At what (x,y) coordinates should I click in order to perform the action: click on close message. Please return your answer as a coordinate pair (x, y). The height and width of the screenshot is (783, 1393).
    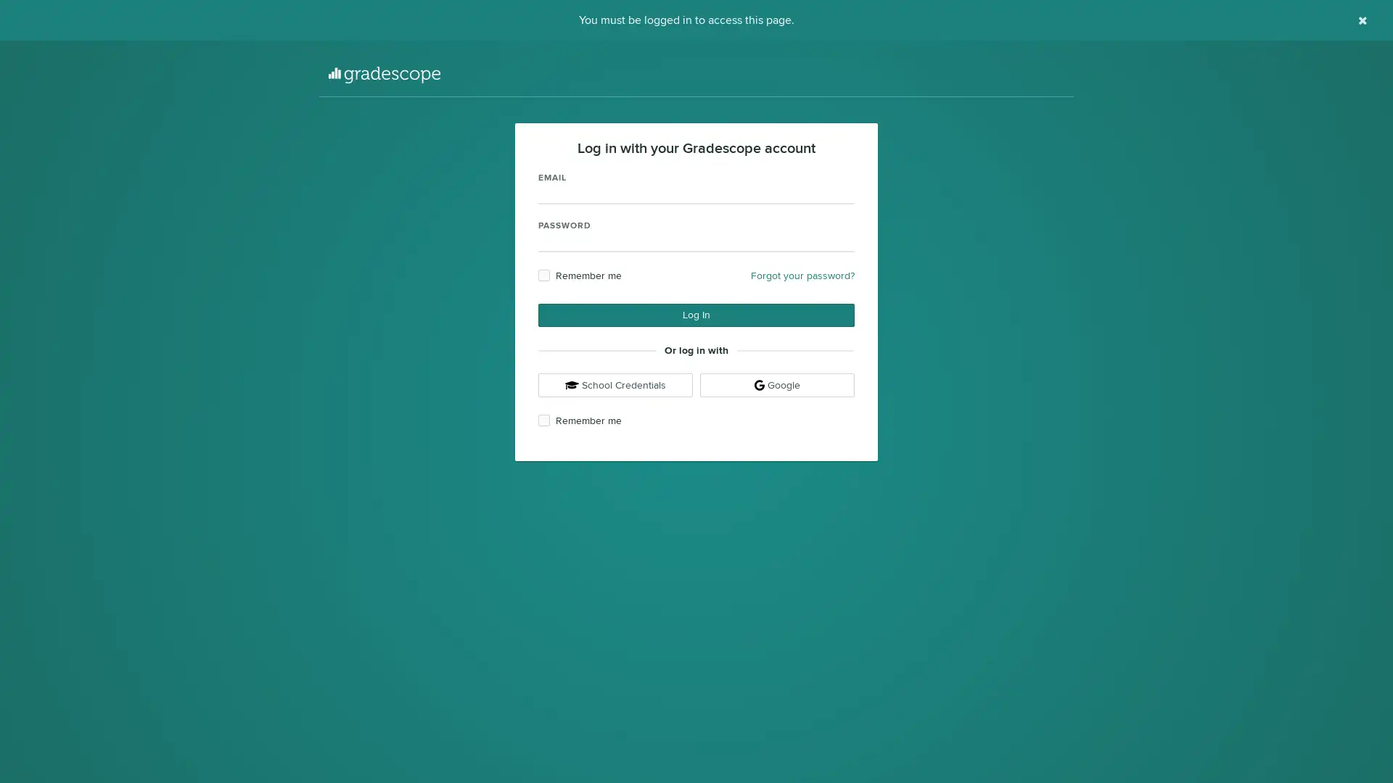
    Looking at the image, I should click on (1362, 20).